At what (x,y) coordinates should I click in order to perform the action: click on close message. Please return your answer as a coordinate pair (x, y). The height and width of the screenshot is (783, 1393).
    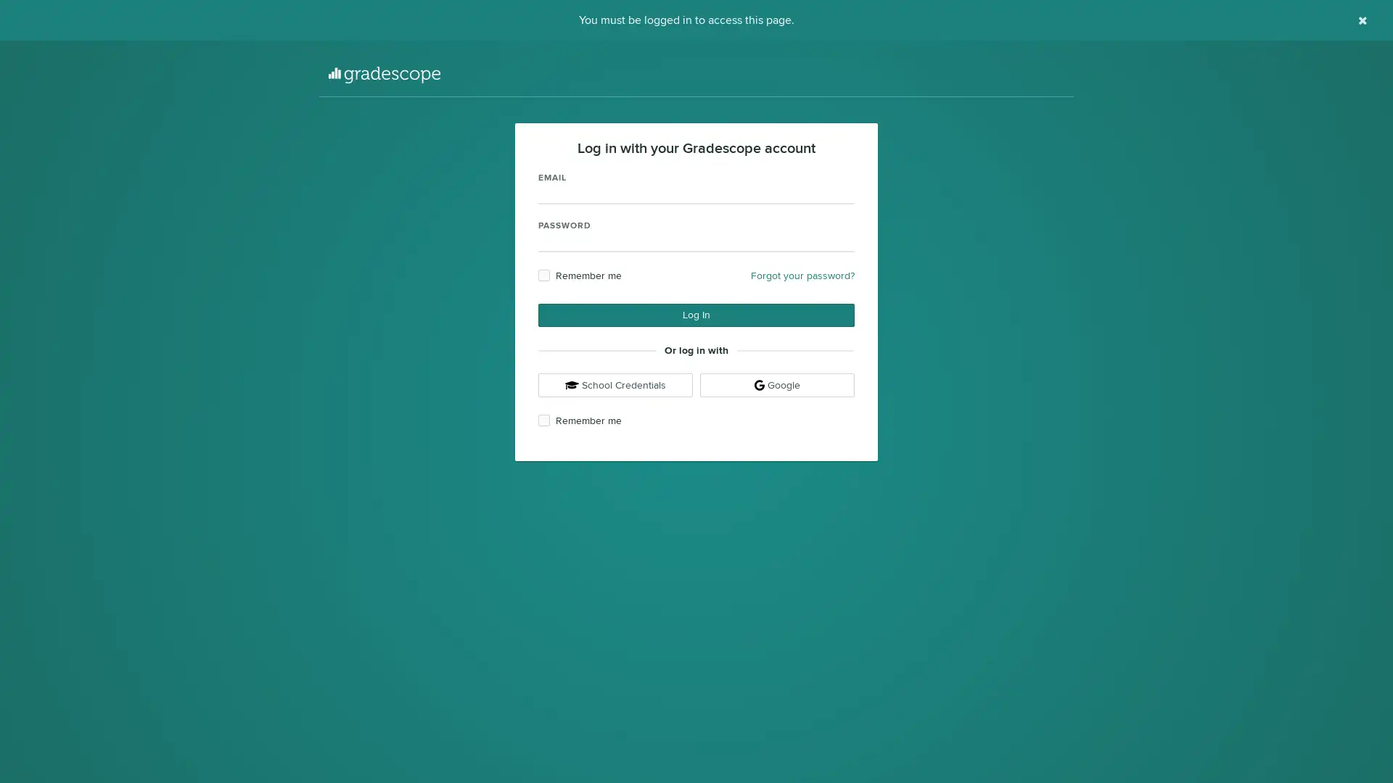
    Looking at the image, I should click on (1362, 20).